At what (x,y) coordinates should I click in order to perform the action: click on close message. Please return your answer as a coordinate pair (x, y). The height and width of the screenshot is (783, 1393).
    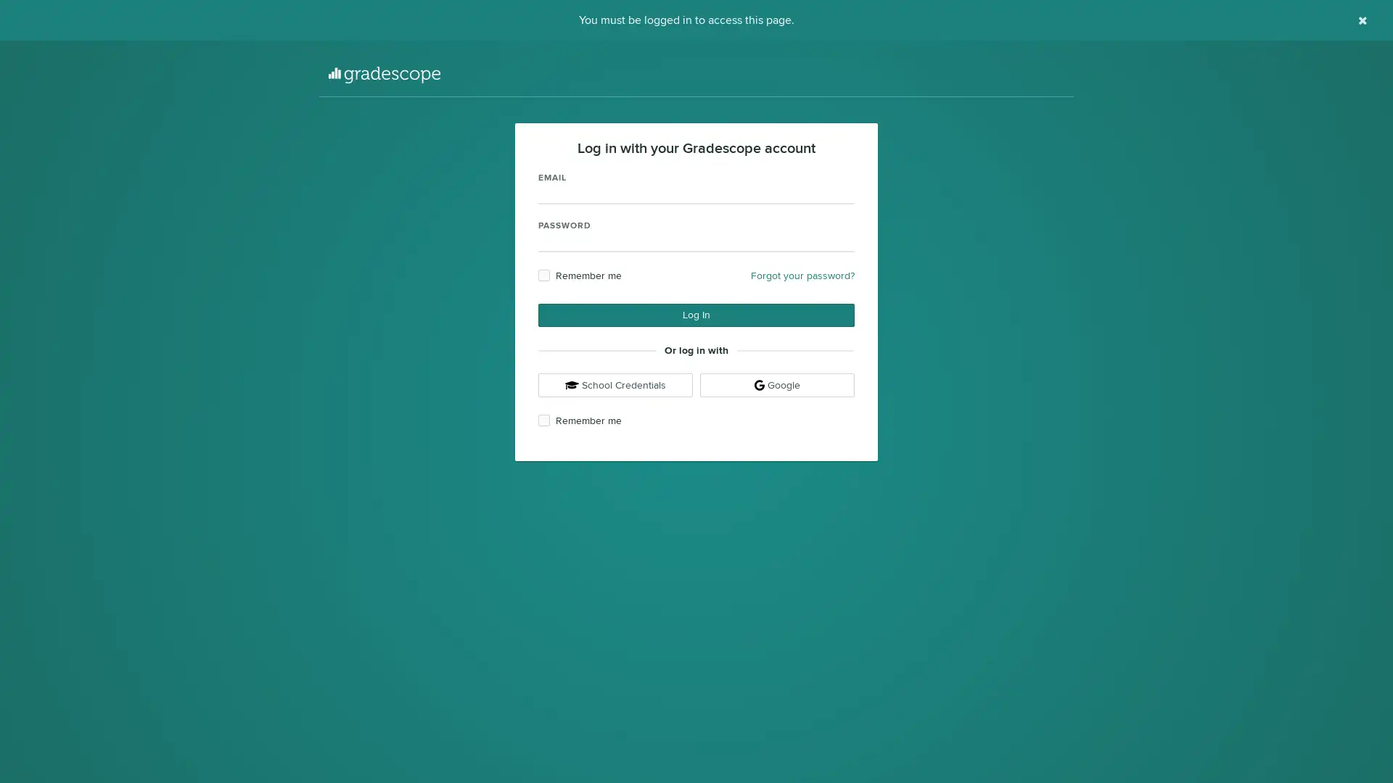
    Looking at the image, I should click on (1362, 20).